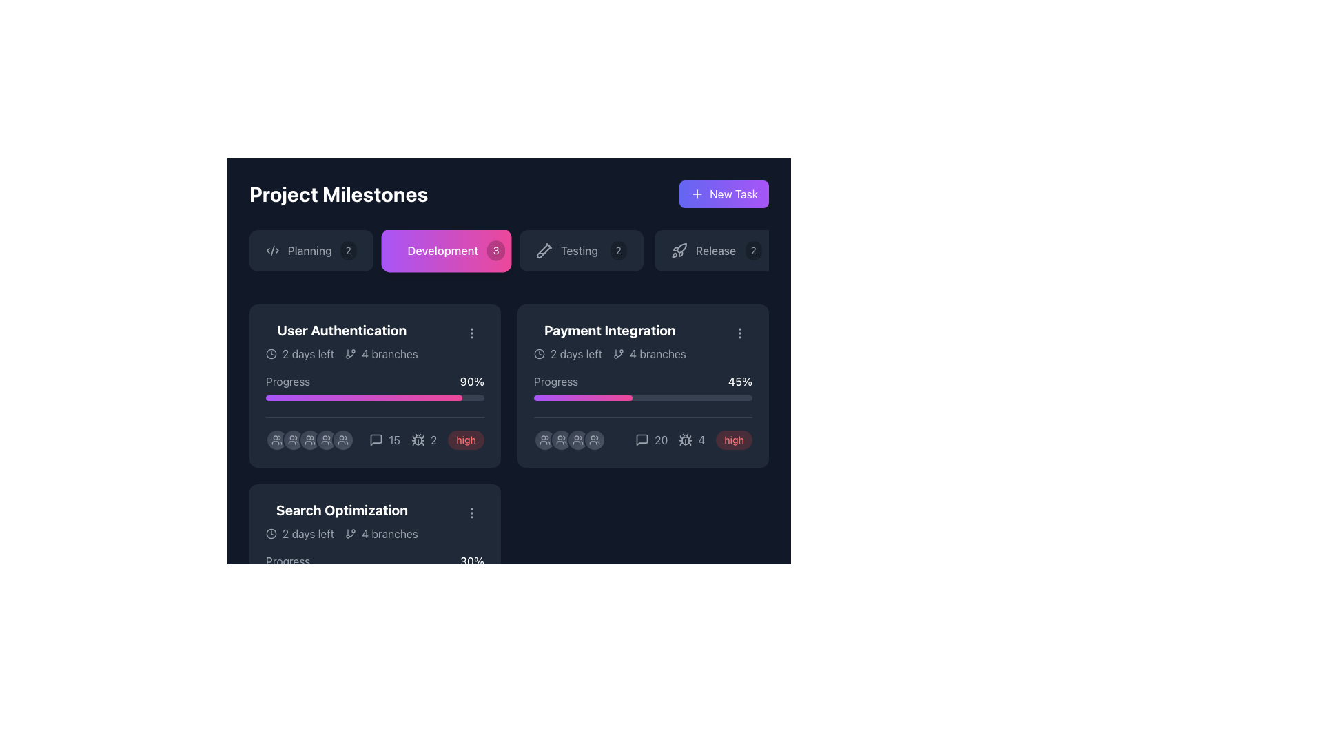 The width and height of the screenshot is (1323, 744). Describe the element at coordinates (342, 341) in the screenshot. I see `the first Card component in the 'Development' section` at that location.